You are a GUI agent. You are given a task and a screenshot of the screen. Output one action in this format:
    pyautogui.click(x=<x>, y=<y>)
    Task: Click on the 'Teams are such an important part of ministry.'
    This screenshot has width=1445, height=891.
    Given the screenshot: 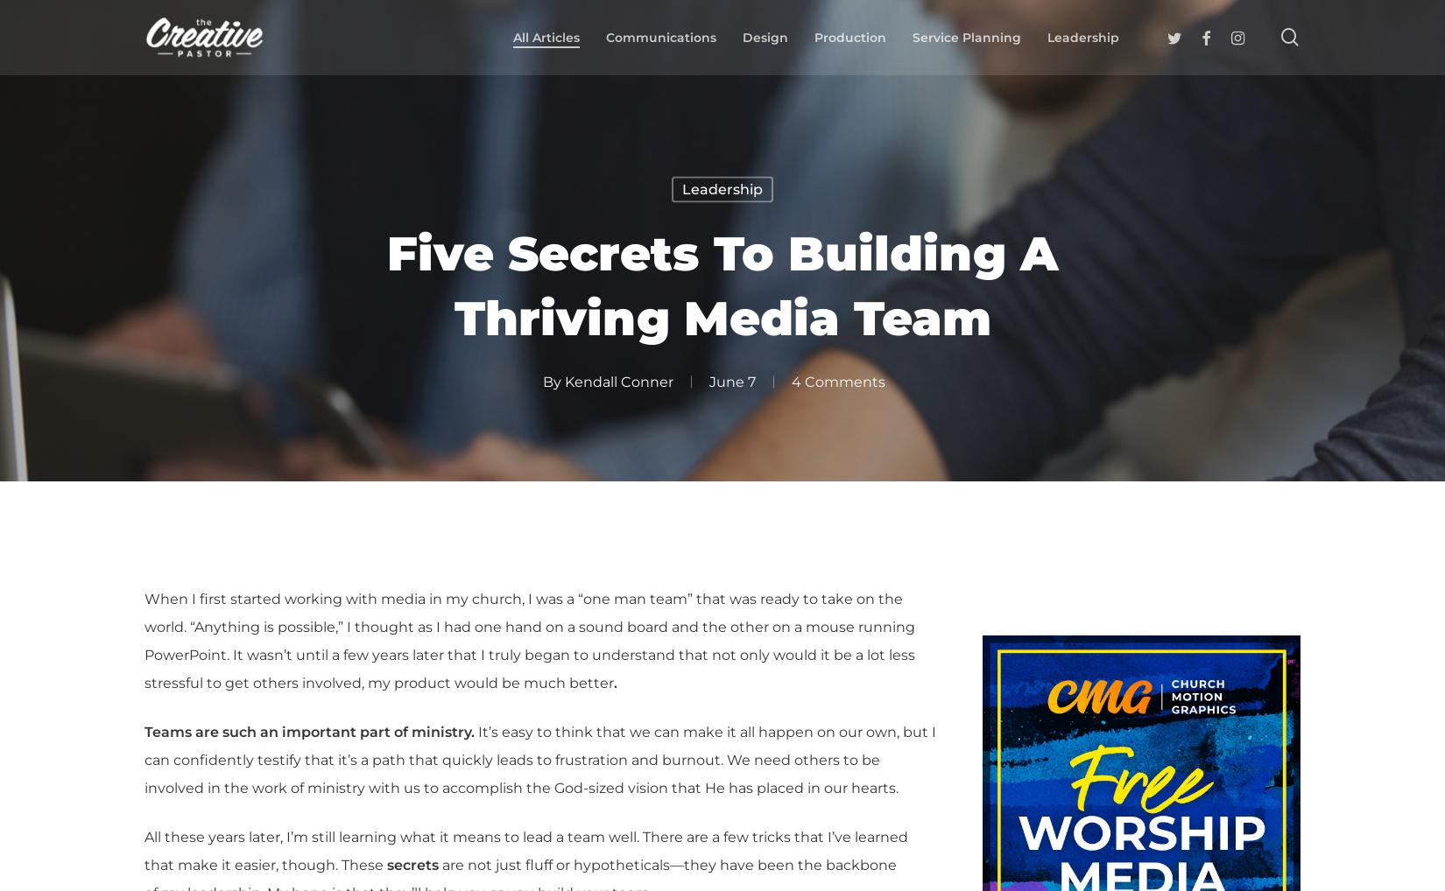 What is the action you would take?
    pyautogui.click(x=309, y=731)
    